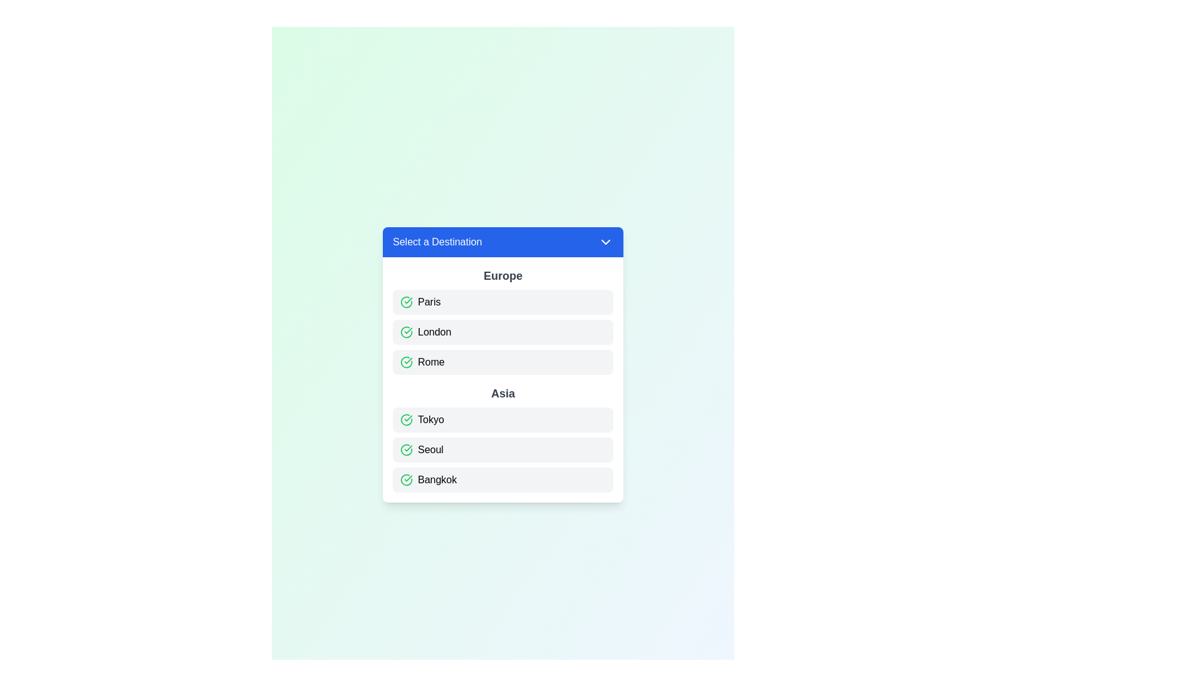 This screenshot has width=1203, height=676. I want to click on the text label displaying 'Paris', which is part of a selectable option in a list item under the 'Europe' section, aligned next to a green checkmark icon, so click(429, 302).